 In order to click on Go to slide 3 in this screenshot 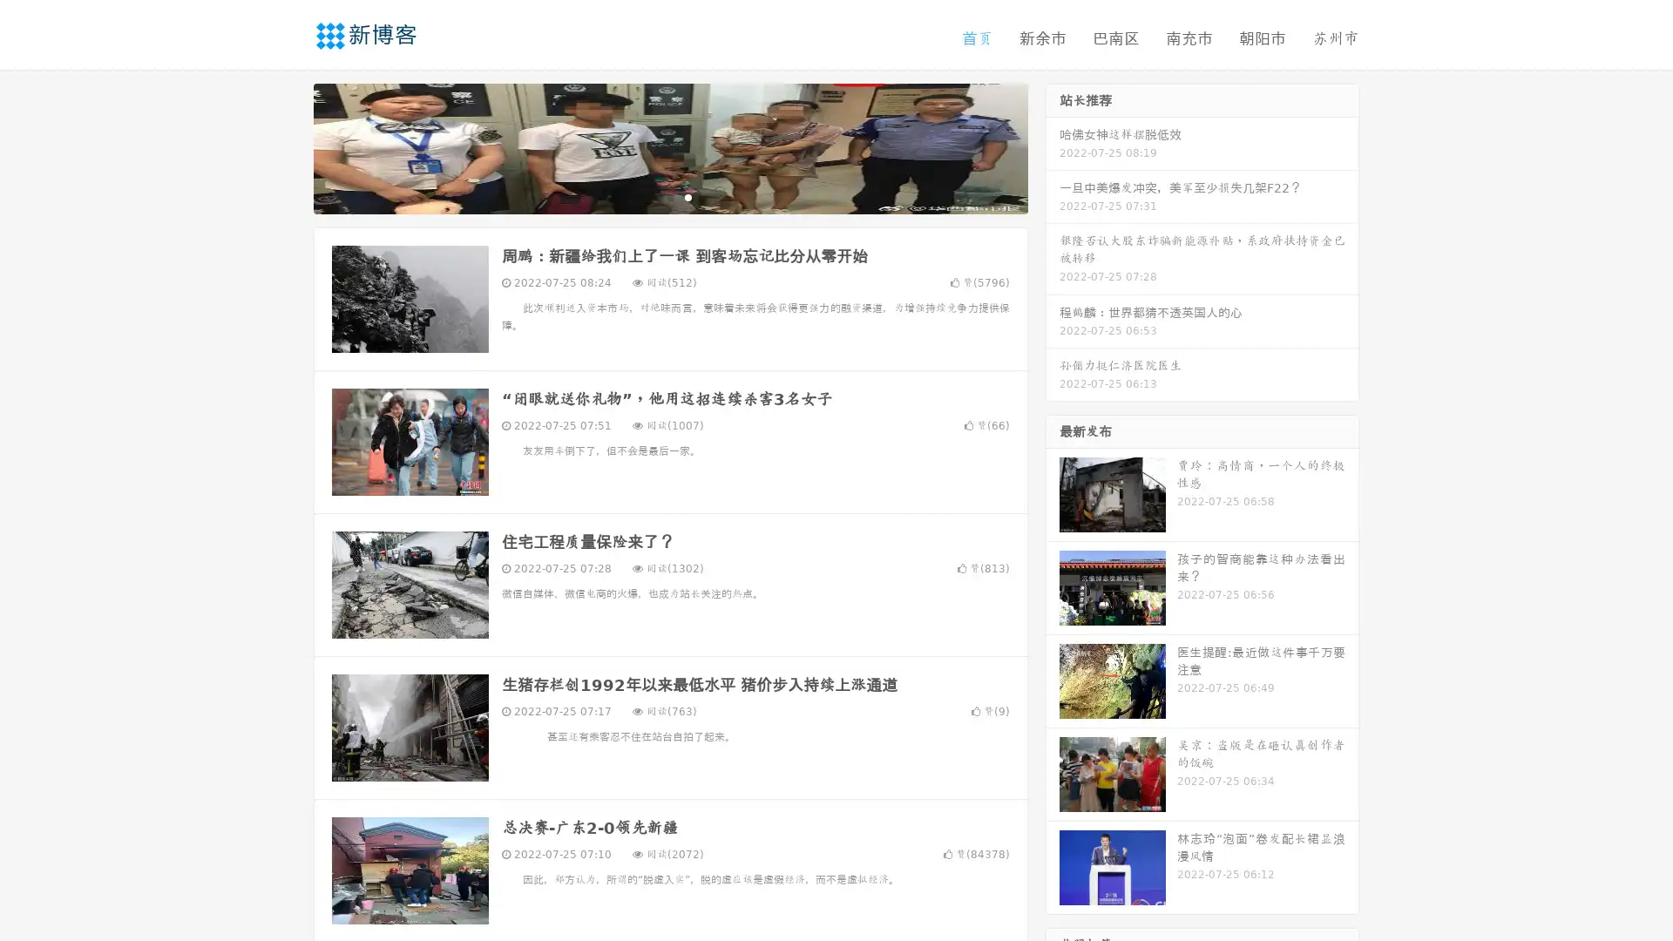, I will do `click(687, 196)`.